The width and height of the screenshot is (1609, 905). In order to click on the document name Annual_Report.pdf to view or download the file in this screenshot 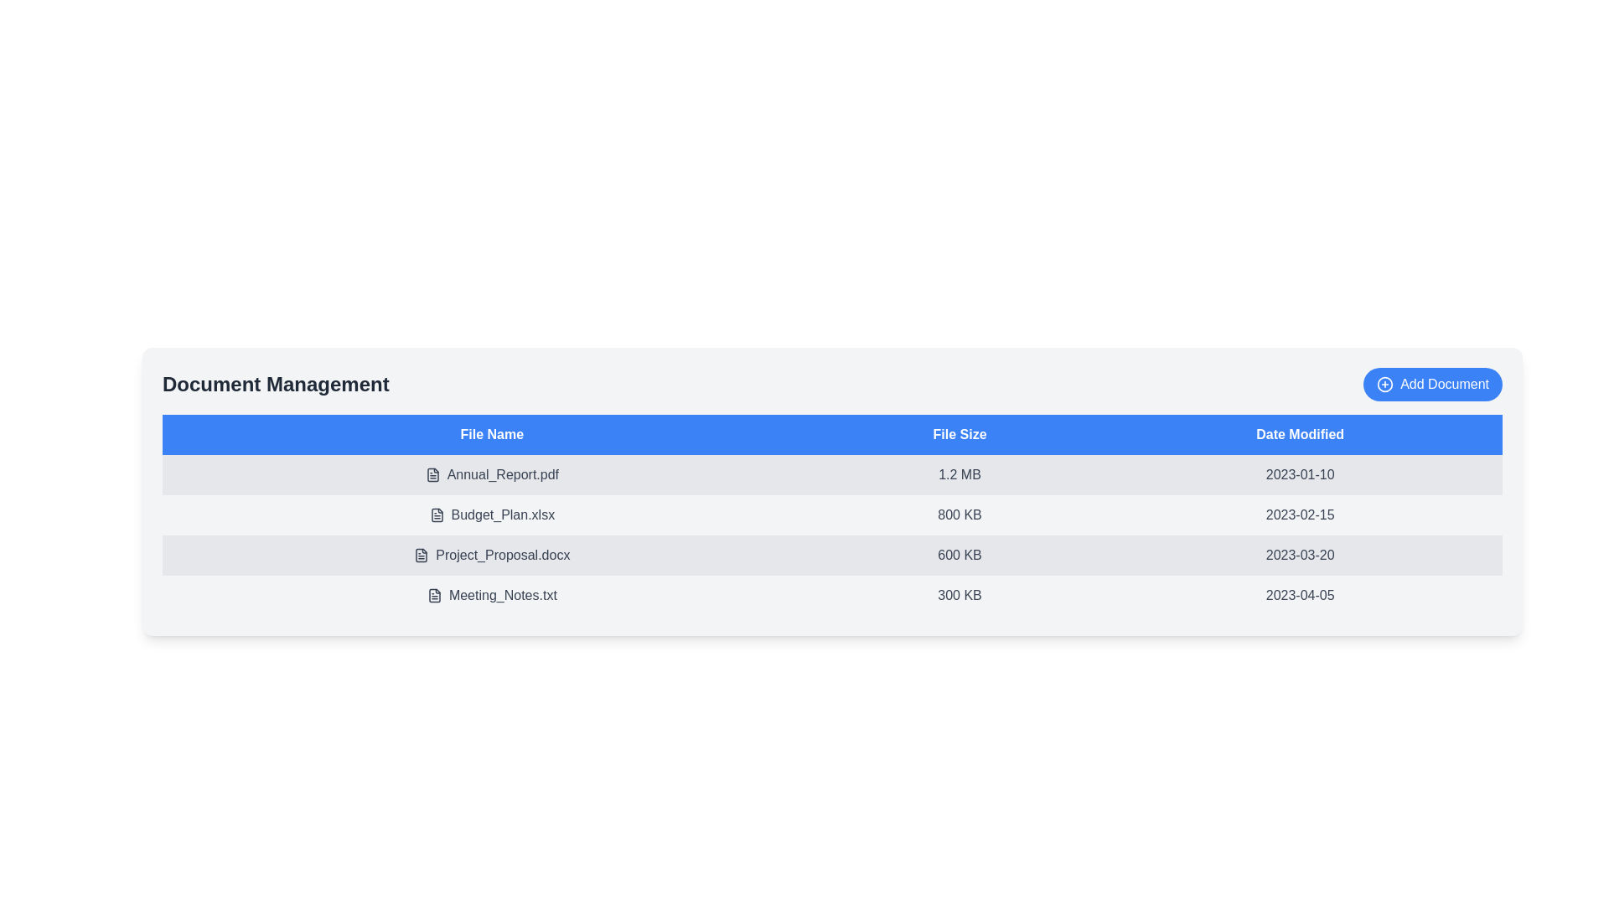, I will do `click(491, 475)`.